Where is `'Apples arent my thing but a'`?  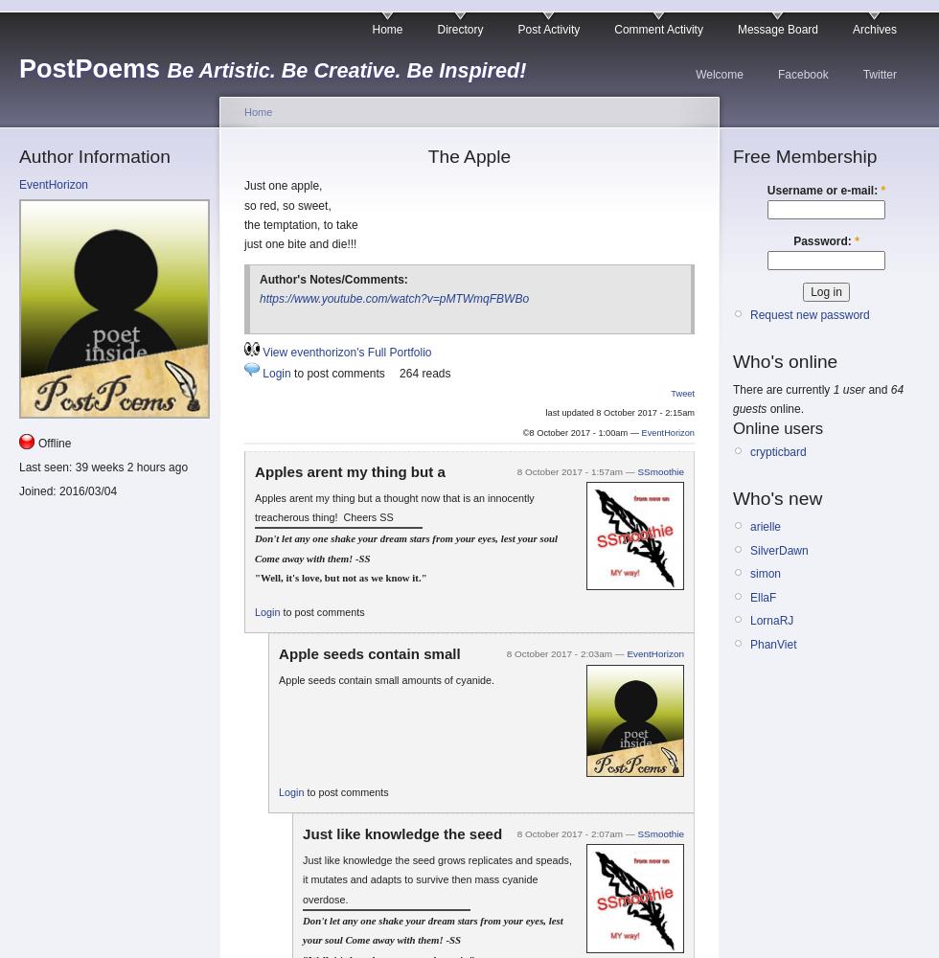
'Apples arent my thing but a' is located at coordinates (349, 469).